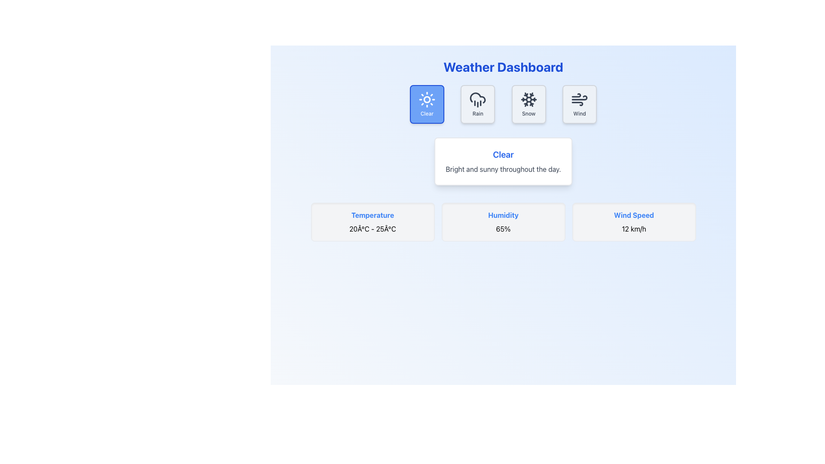 The width and height of the screenshot is (825, 464). I want to click on the 'Rain' weather condition button located between the 'Clear' and 'Snow' buttons, so click(477, 104).